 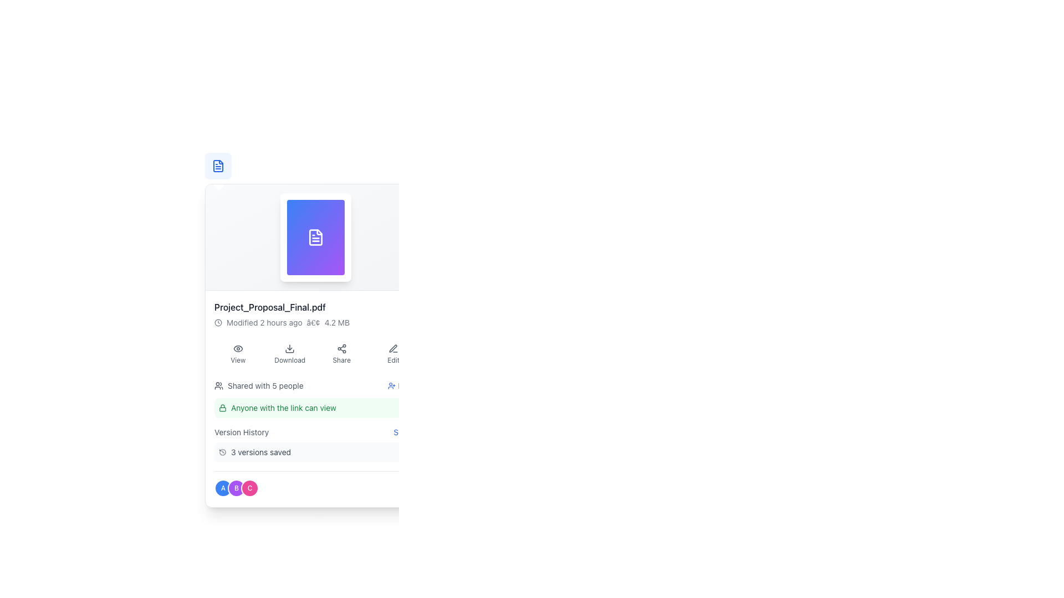 I want to click on the static text element that reads 'Version History', which is styled in gray and located near the bottom of the interface, alongside the 'See all' text, so click(x=241, y=431).